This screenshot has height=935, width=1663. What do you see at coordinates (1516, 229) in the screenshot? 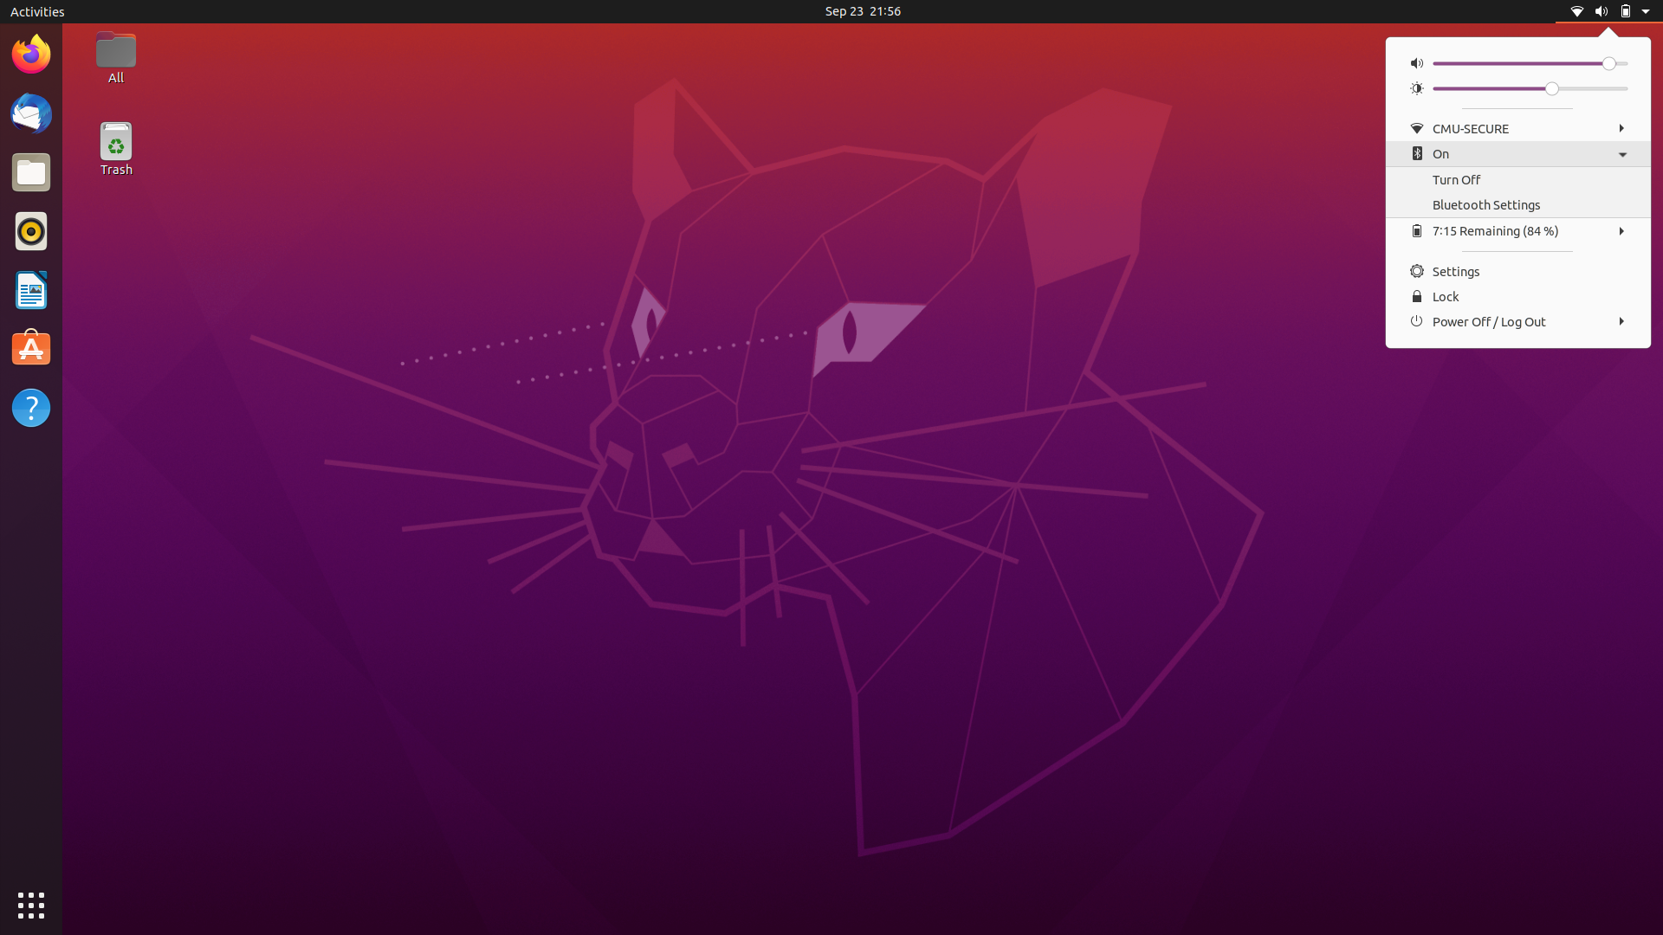
I see `the Battery Configuration` at bounding box center [1516, 229].